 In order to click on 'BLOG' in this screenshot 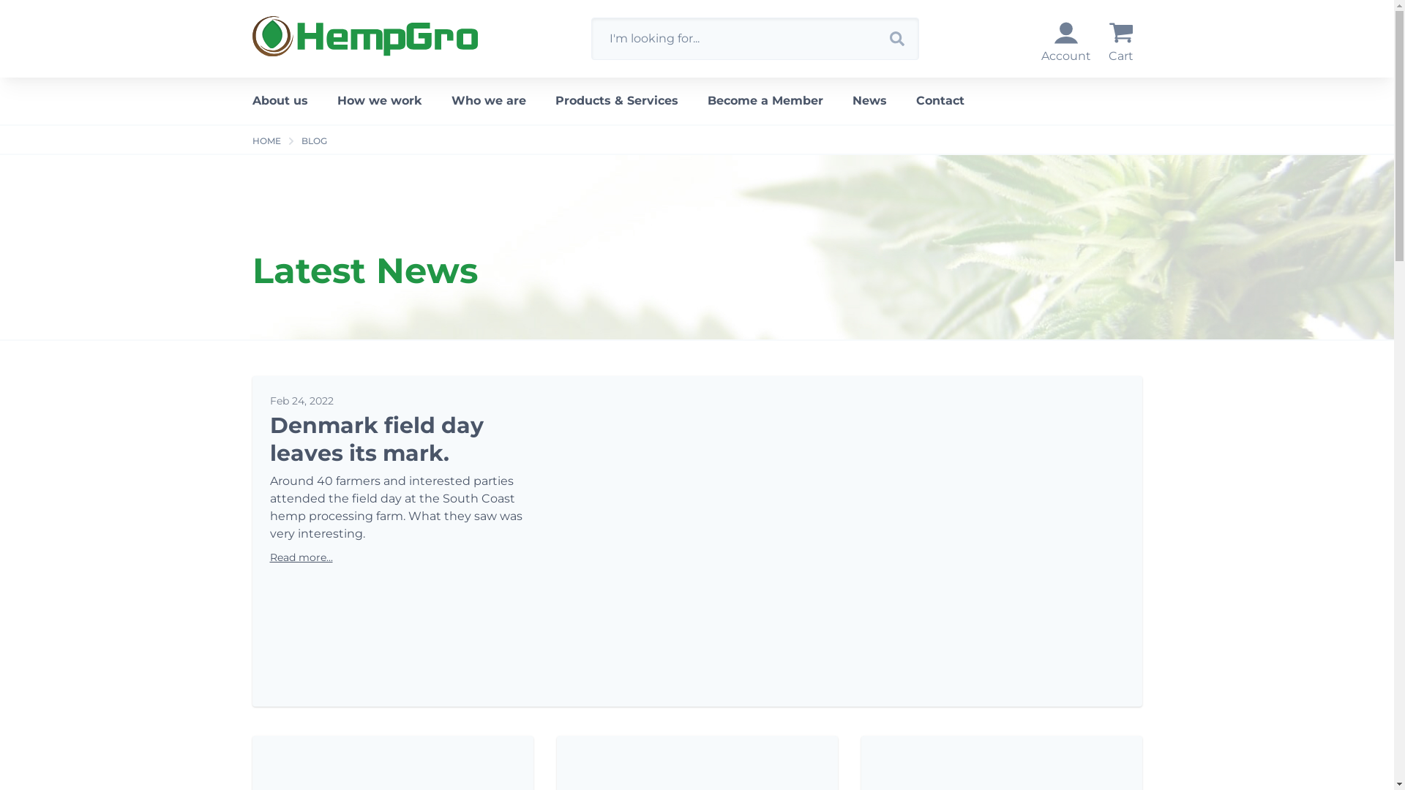, I will do `click(301, 140)`.